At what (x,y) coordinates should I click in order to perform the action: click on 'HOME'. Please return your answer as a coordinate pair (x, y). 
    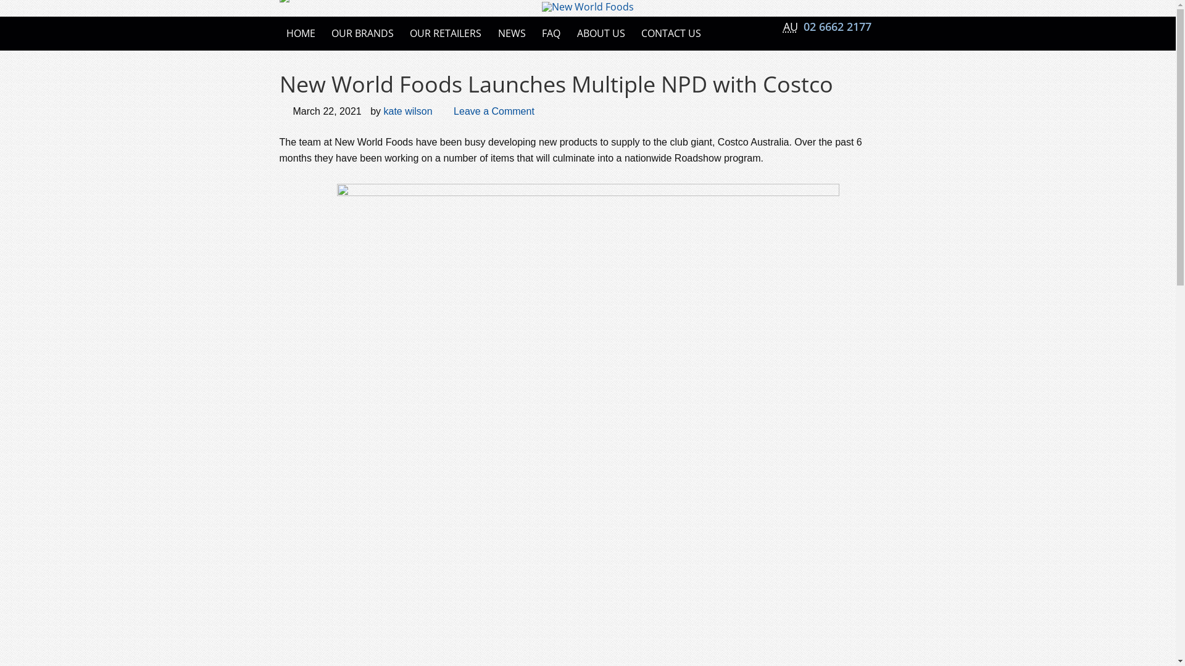
    Looking at the image, I should click on (300, 33).